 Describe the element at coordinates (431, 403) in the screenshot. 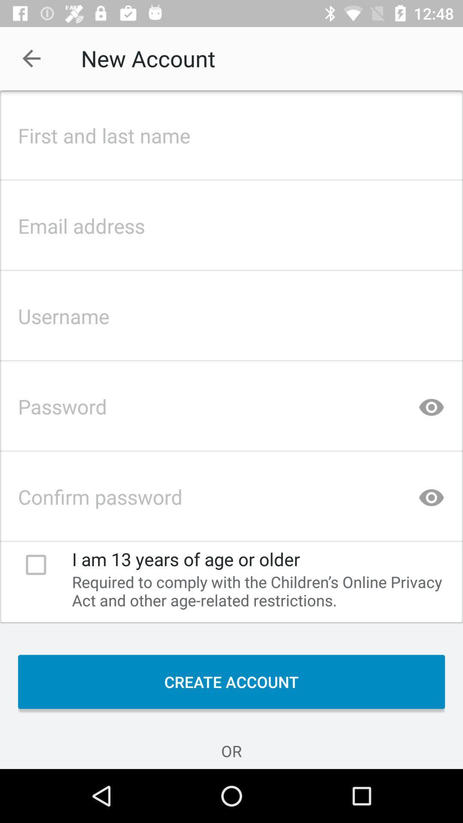

I see `shows eye icon` at that location.